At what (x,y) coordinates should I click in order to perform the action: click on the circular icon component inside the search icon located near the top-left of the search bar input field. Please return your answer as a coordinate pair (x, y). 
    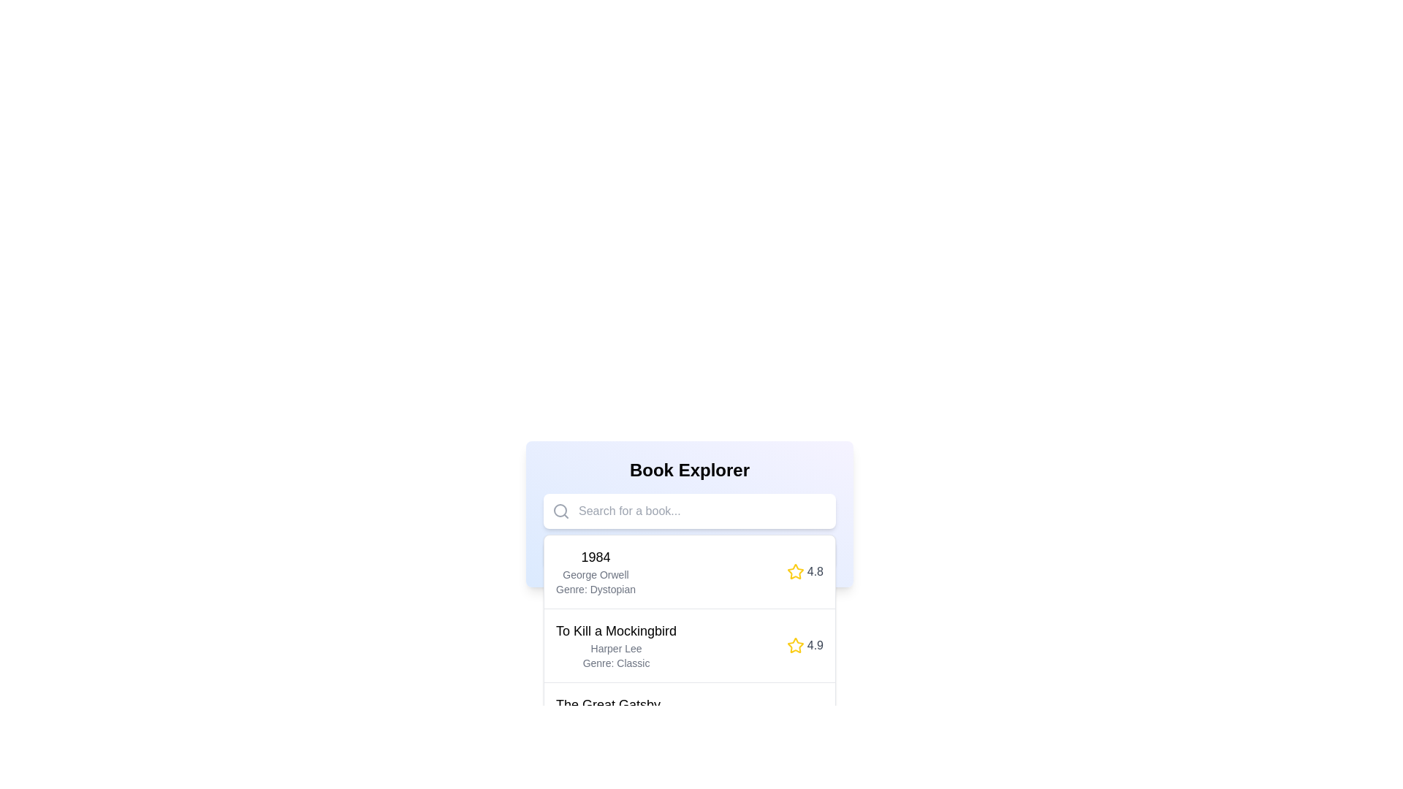
    Looking at the image, I should click on (560, 509).